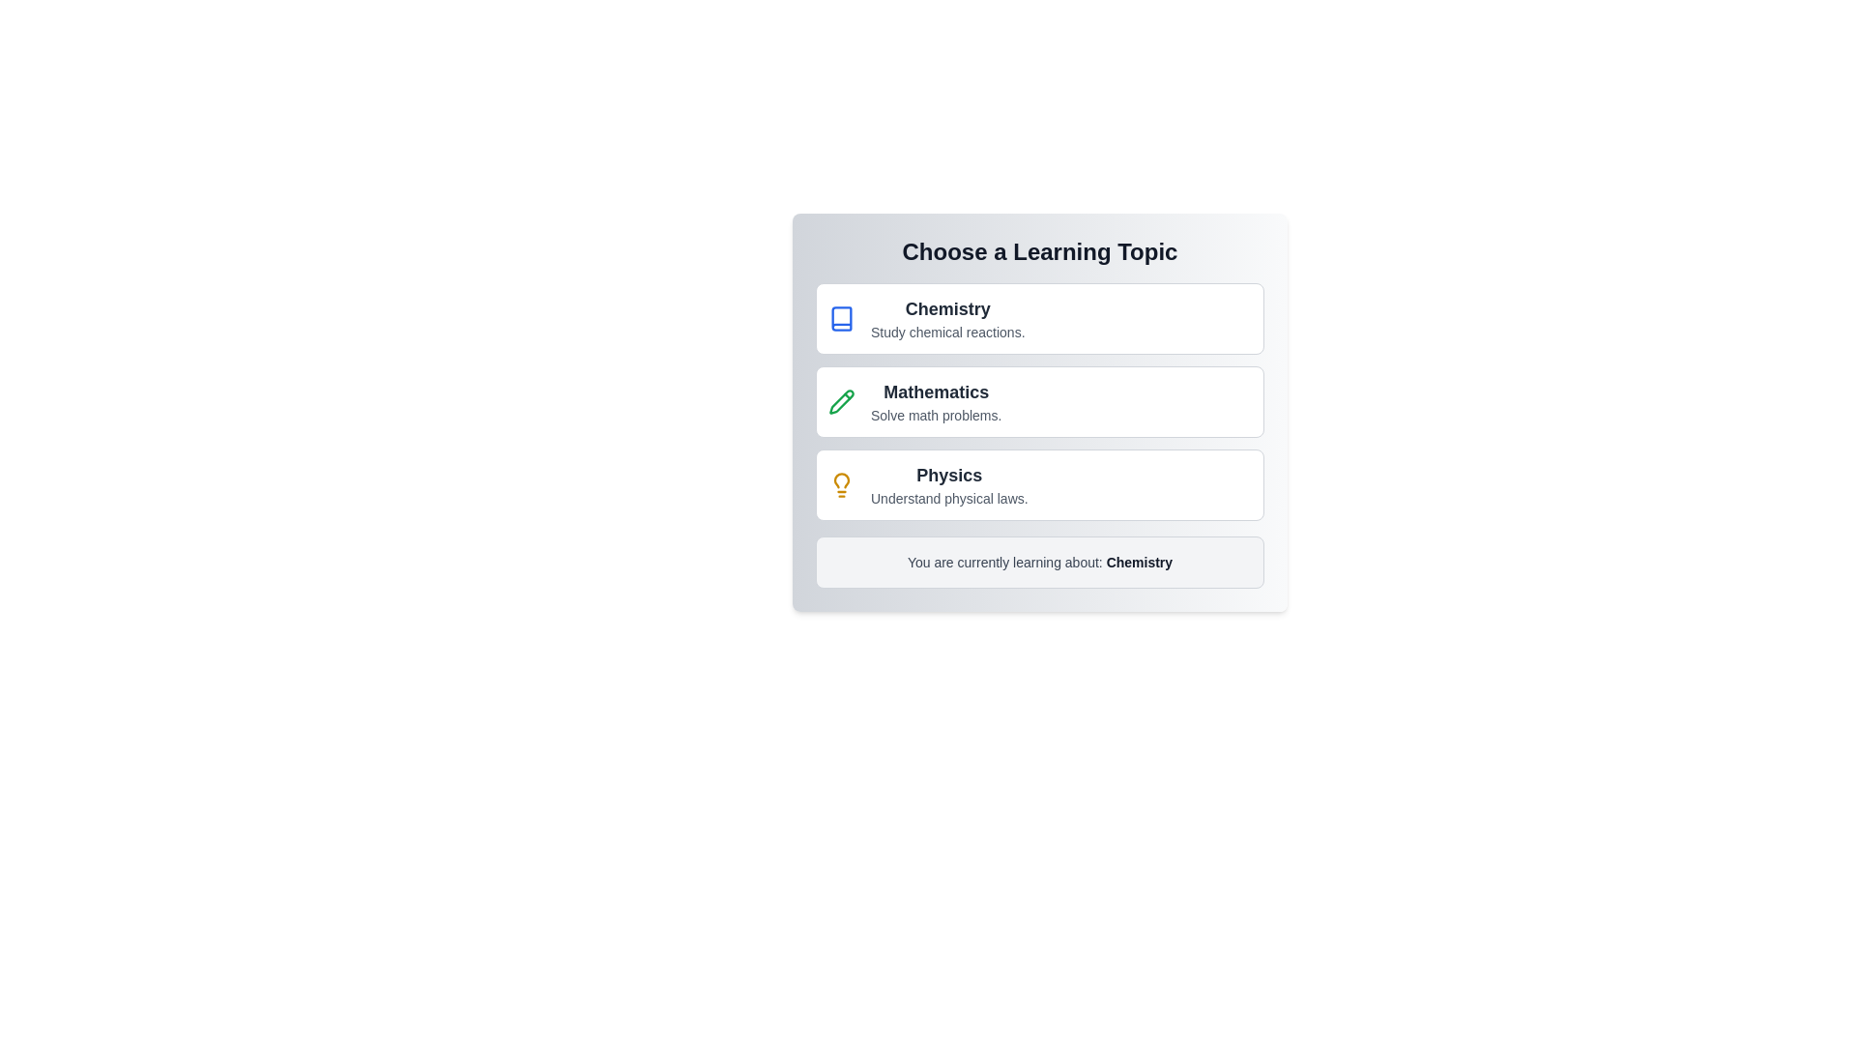 The image size is (1856, 1044). I want to click on the yellow lightbulb icon, which is positioned to the left of the 'Physics' title text within the 'Physics' option card, so click(841, 483).